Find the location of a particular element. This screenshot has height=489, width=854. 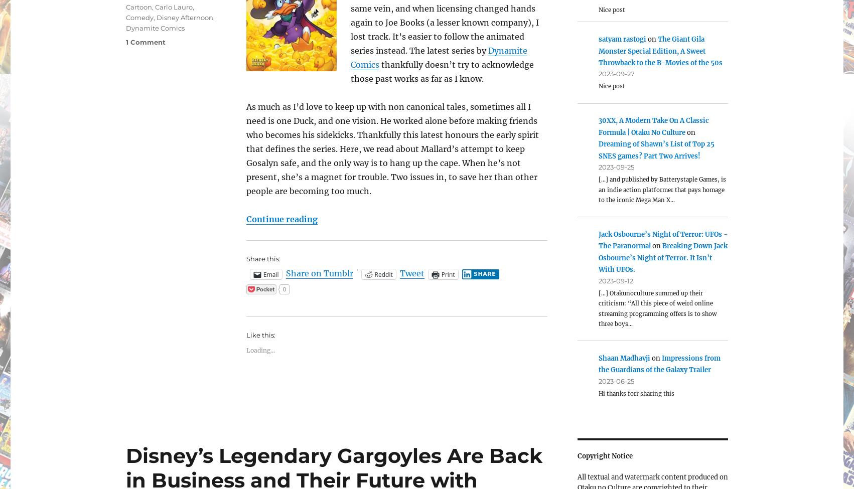

'satyam rastogi' is located at coordinates (622, 39).